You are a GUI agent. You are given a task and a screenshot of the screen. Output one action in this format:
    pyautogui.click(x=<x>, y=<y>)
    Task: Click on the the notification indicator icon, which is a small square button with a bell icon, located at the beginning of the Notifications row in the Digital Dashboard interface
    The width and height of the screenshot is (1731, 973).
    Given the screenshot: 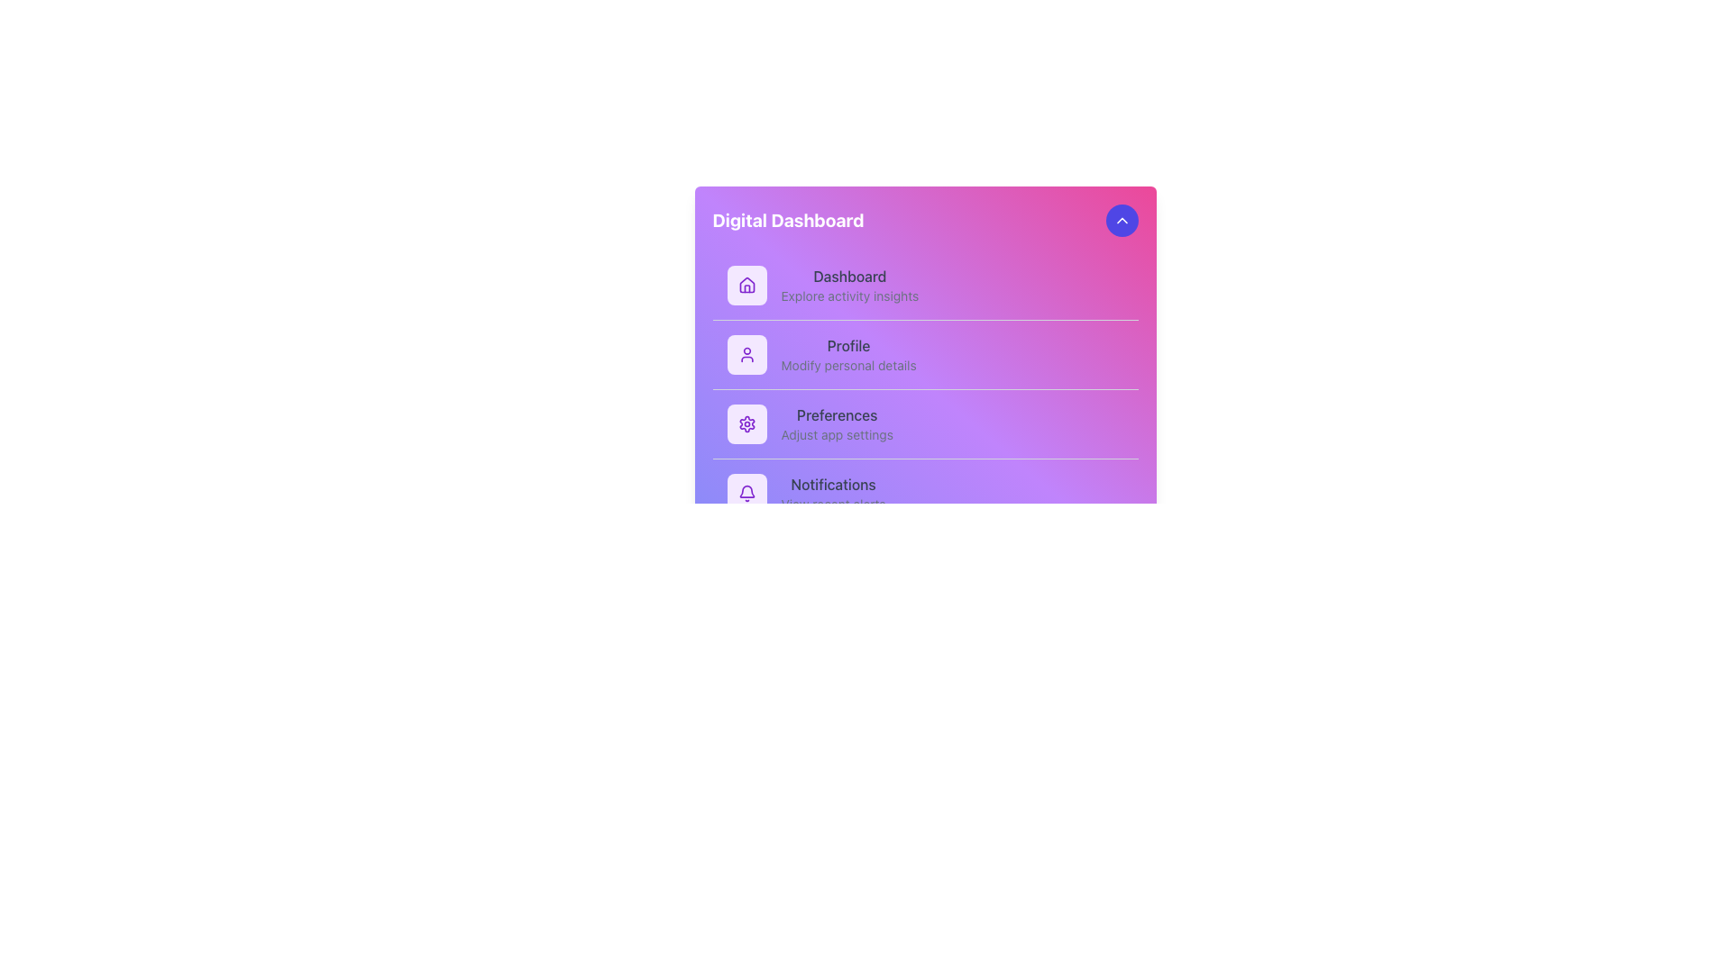 What is the action you would take?
    pyautogui.click(x=746, y=493)
    